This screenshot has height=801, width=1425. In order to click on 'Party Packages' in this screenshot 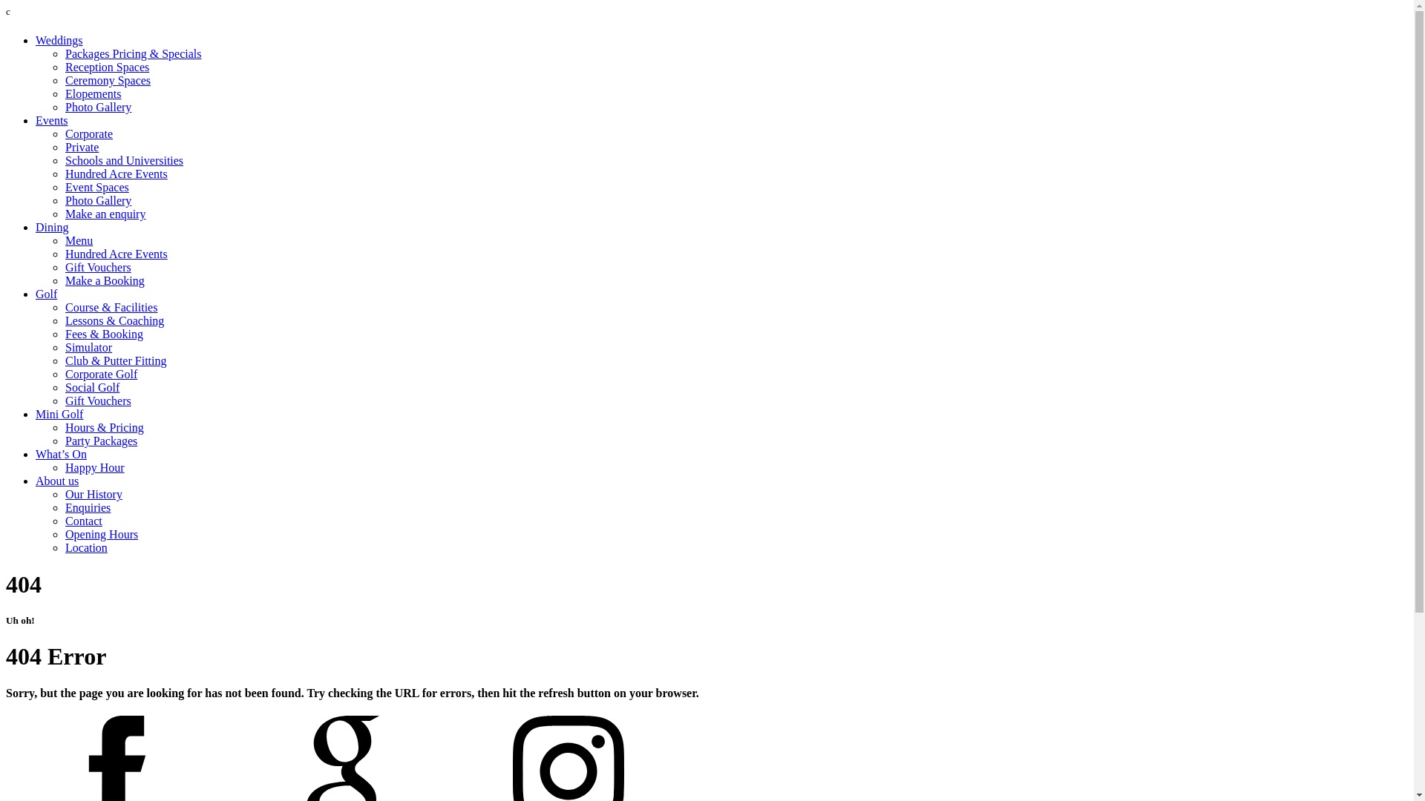, I will do `click(100, 440)`.